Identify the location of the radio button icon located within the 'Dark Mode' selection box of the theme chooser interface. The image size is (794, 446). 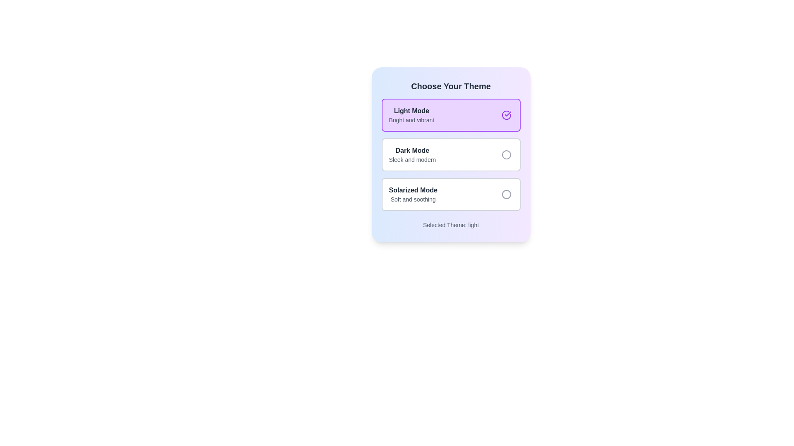
(506, 154).